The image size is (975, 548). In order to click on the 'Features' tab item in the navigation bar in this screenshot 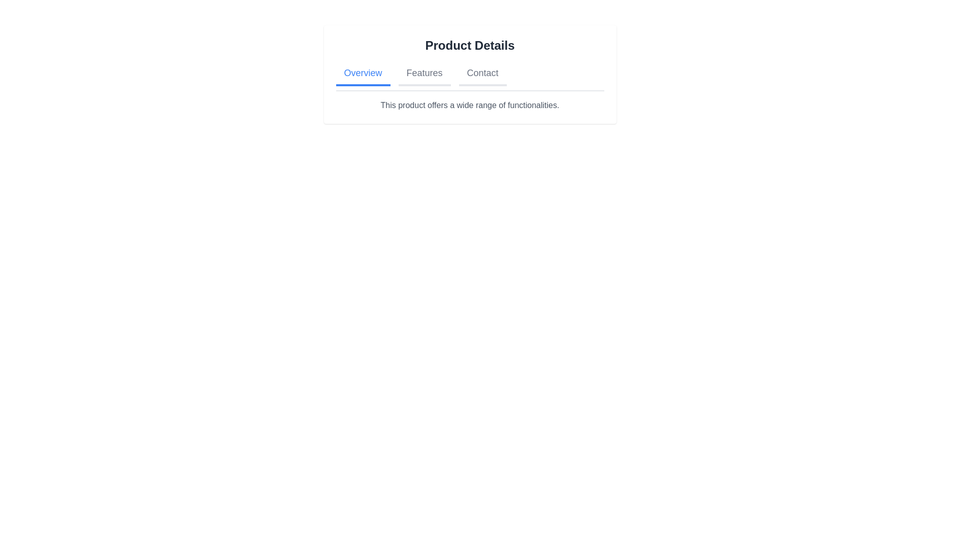, I will do `click(424, 74)`.